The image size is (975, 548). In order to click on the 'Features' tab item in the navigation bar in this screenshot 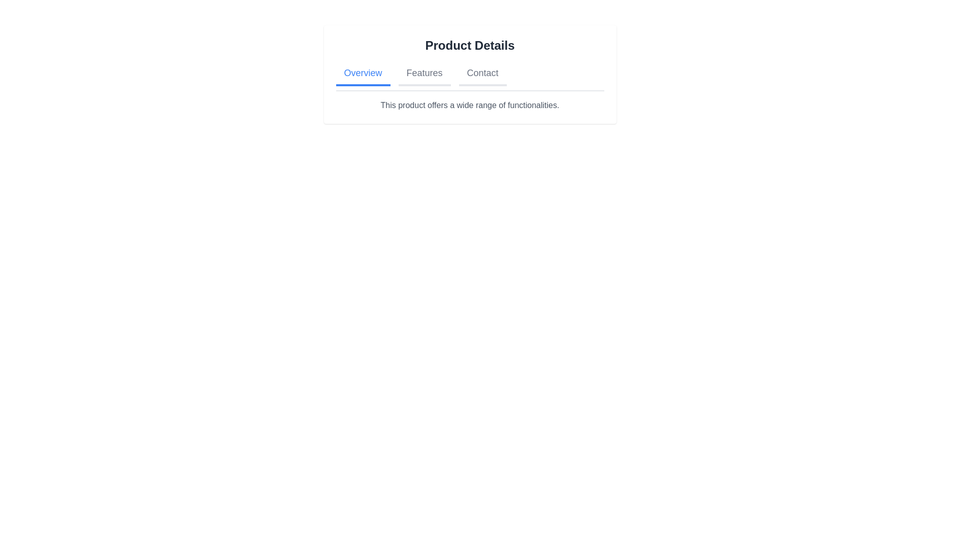, I will do `click(424, 74)`.